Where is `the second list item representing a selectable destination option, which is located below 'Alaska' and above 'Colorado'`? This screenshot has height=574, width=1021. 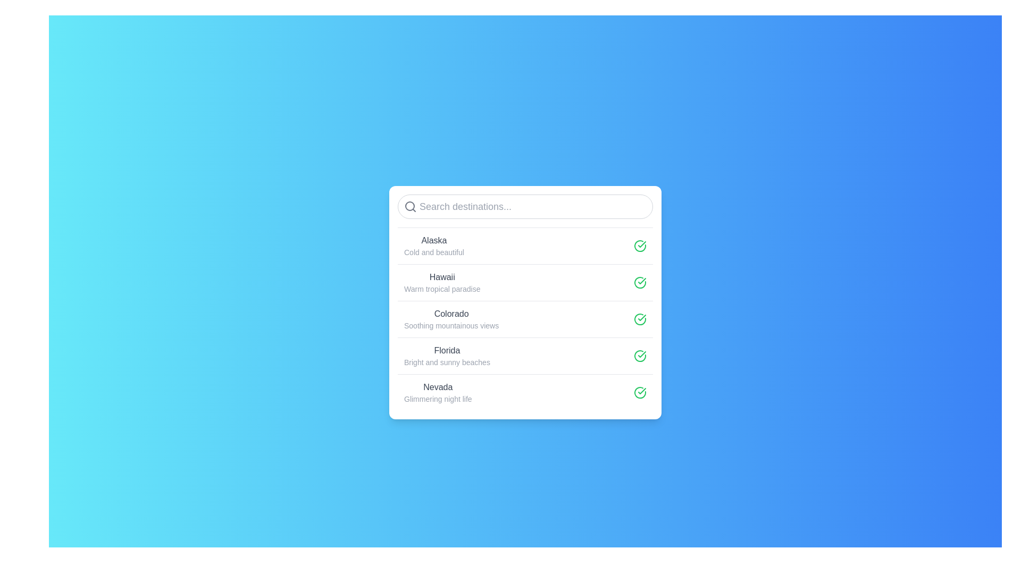 the second list item representing a selectable destination option, which is located below 'Alaska' and above 'Colorado' is located at coordinates (525, 282).